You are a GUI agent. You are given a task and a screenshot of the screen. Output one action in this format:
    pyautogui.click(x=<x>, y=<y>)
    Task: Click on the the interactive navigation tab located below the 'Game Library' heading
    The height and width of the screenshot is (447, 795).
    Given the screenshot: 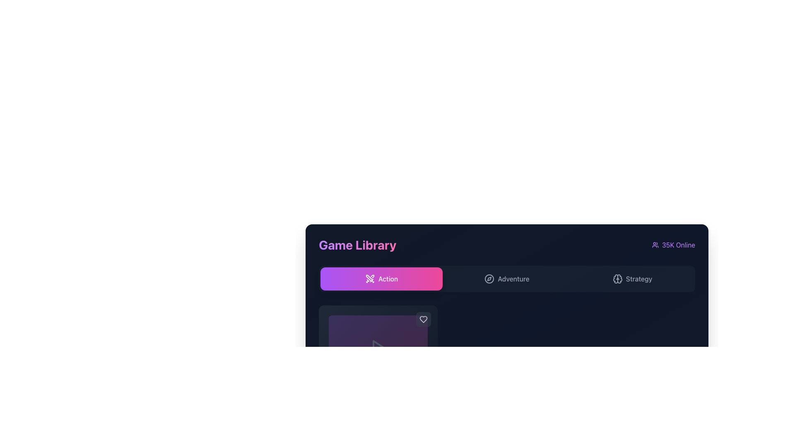 What is the action you would take?
    pyautogui.click(x=506, y=279)
    